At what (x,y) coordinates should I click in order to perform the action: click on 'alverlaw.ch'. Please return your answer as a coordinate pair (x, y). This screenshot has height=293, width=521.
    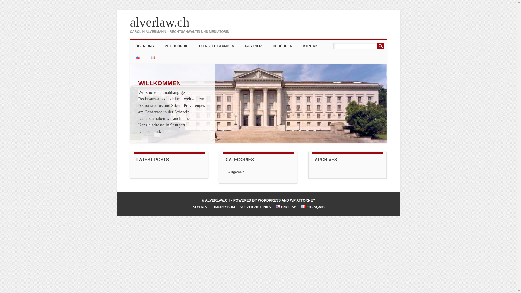
    Looking at the image, I should click on (159, 22).